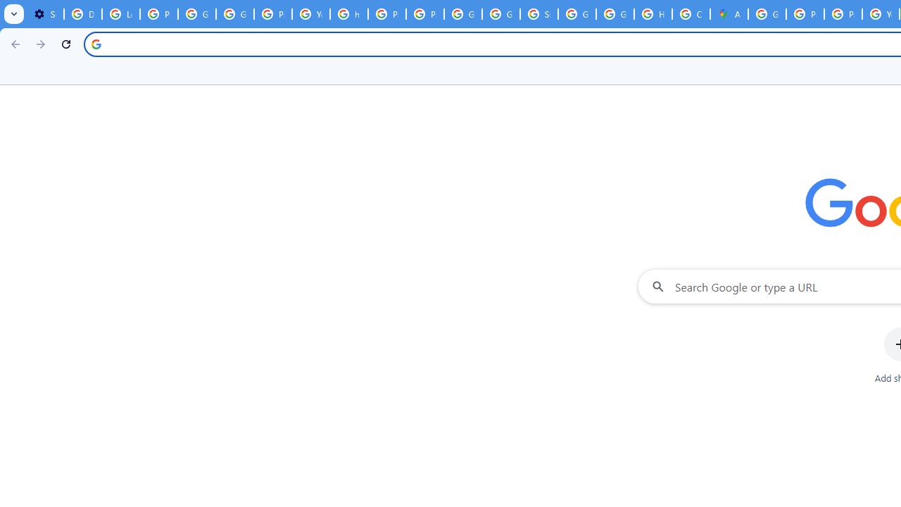 This screenshot has height=507, width=901. Describe the element at coordinates (691, 14) in the screenshot. I see `'Create your Google Account'` at that location.